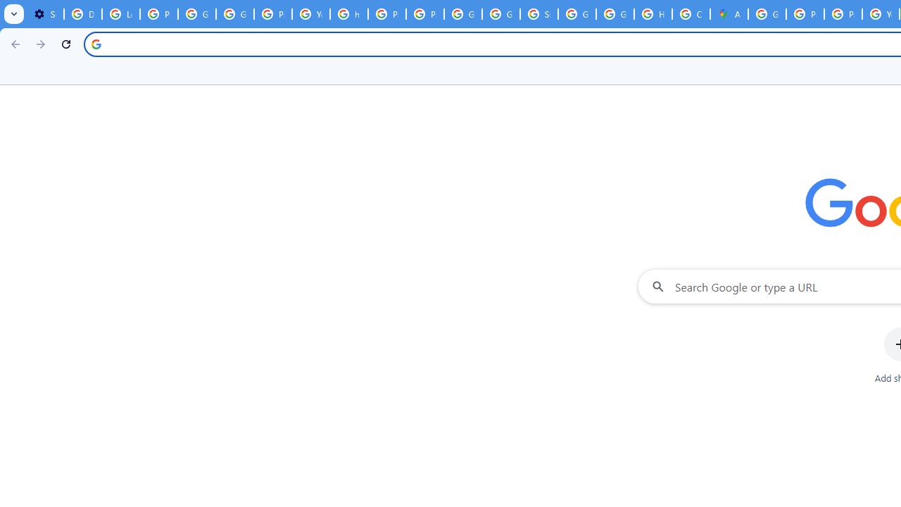 This screenshot has height=507, width=901. Describe the element at coordinates (691, 14) in the screenshot. I see `'Create your Google Account'` at that location.